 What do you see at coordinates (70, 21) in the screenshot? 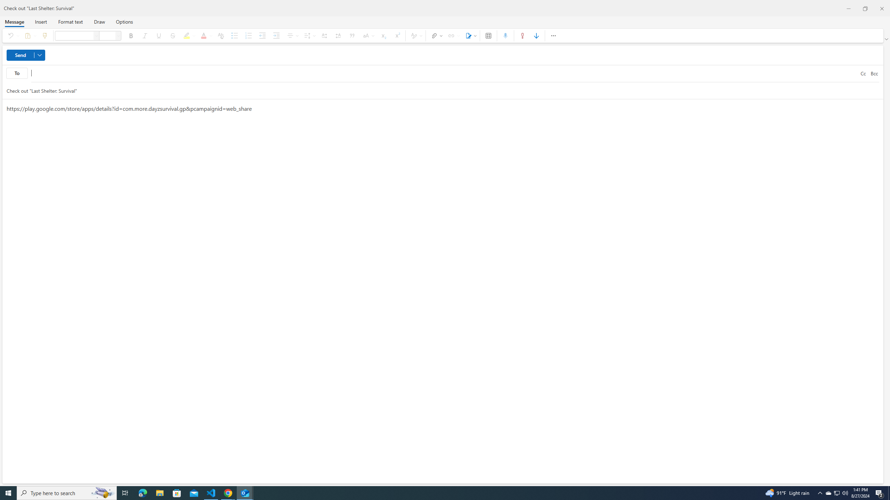
I see `'Format text'` at bounding box center [70, 21].